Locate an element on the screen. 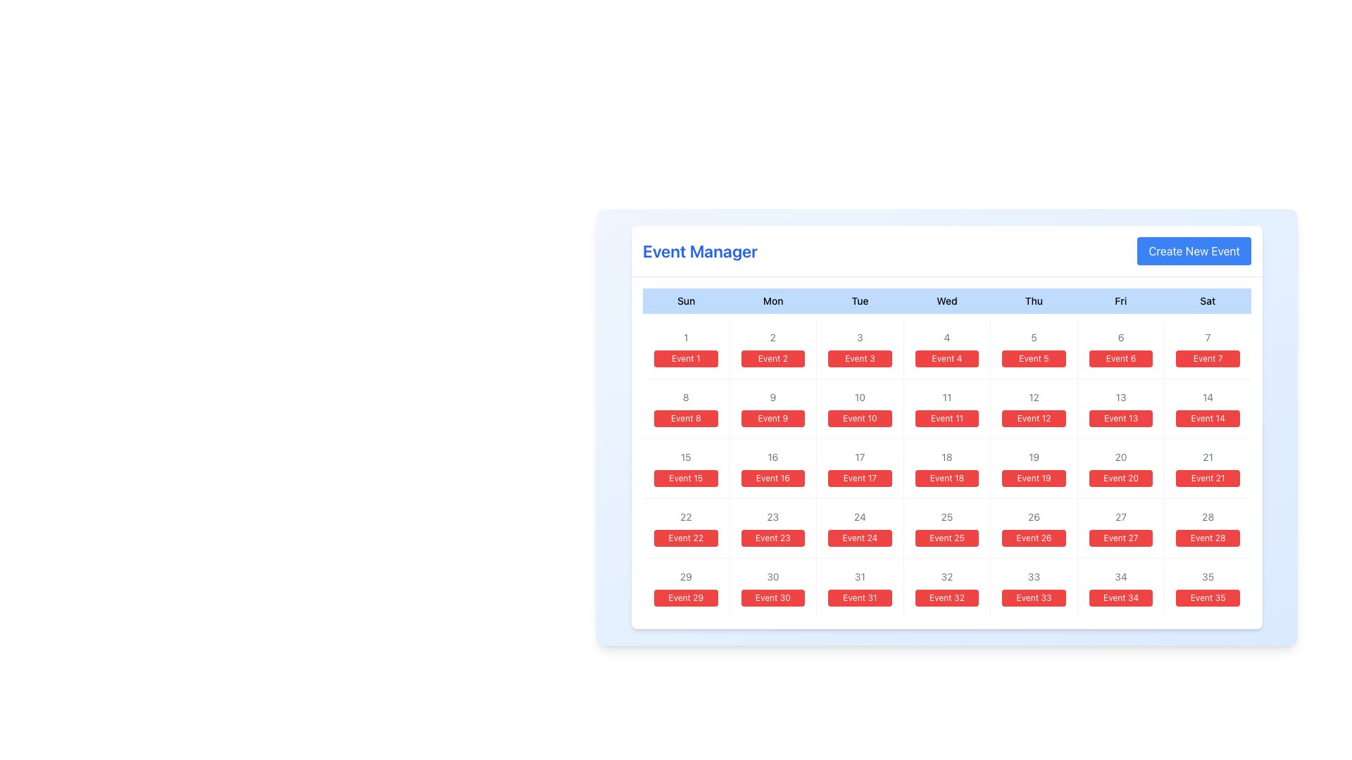 The width and height of the screenshot is (1352, 760). the interactive informational block displaying details for 'Event 21', located in the bottom row under the 'Sat' column is located at coordinates (1207, 469).